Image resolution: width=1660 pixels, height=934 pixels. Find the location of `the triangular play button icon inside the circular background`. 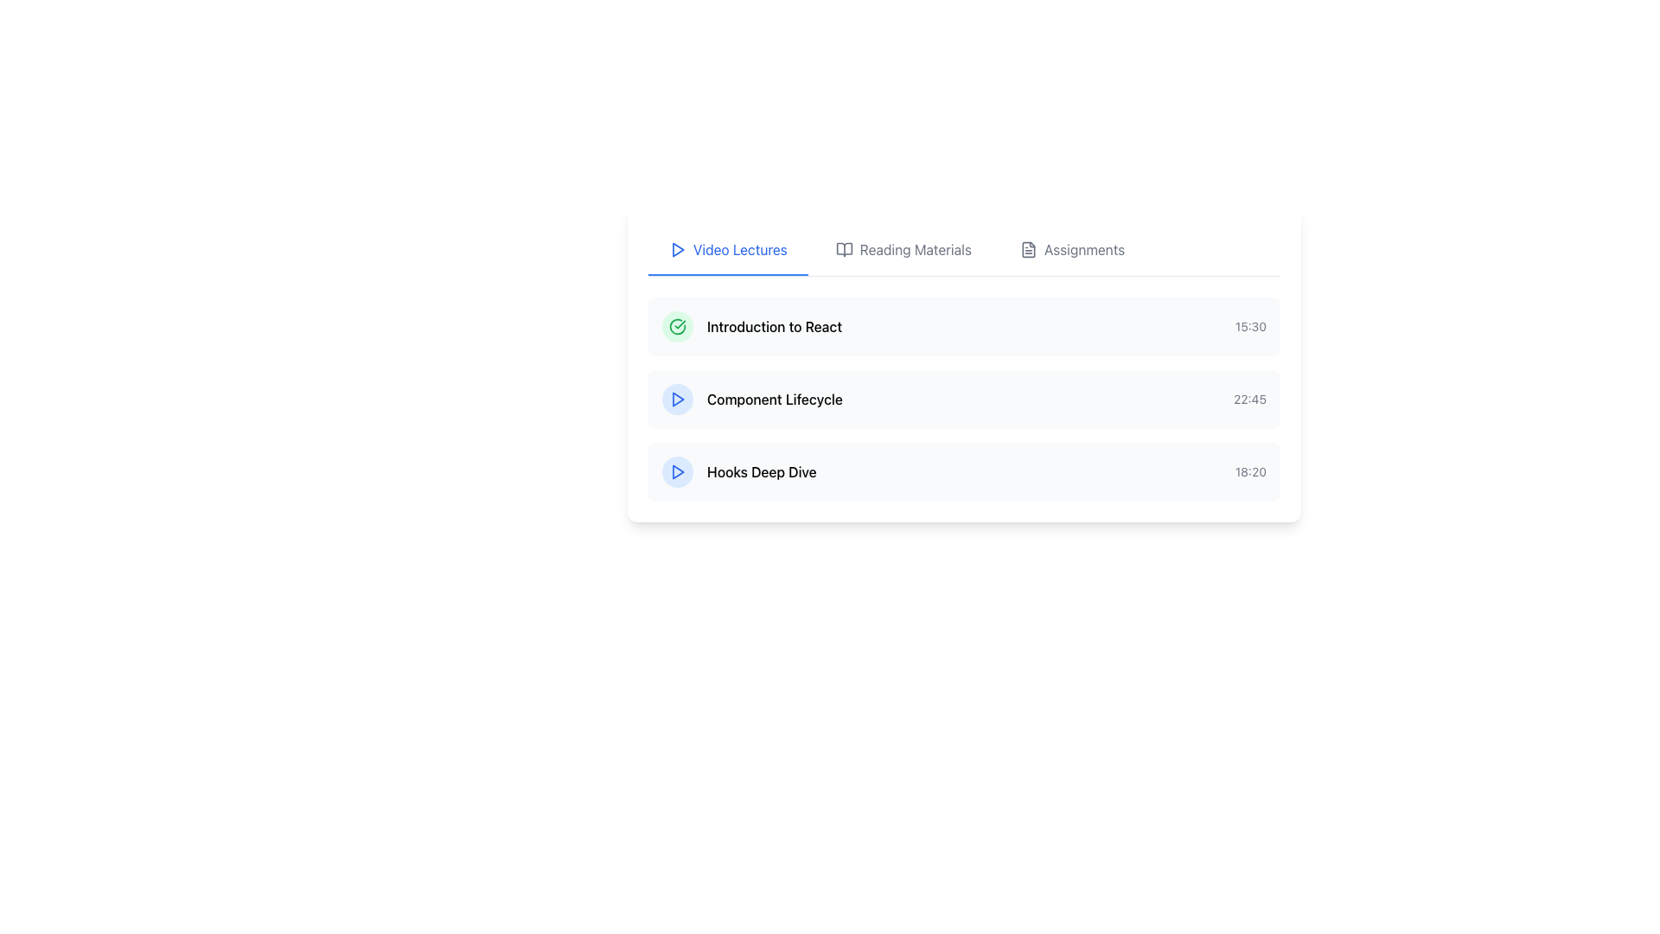

the triangular play button icon inside the circular background is located at coordinates (677, 472).